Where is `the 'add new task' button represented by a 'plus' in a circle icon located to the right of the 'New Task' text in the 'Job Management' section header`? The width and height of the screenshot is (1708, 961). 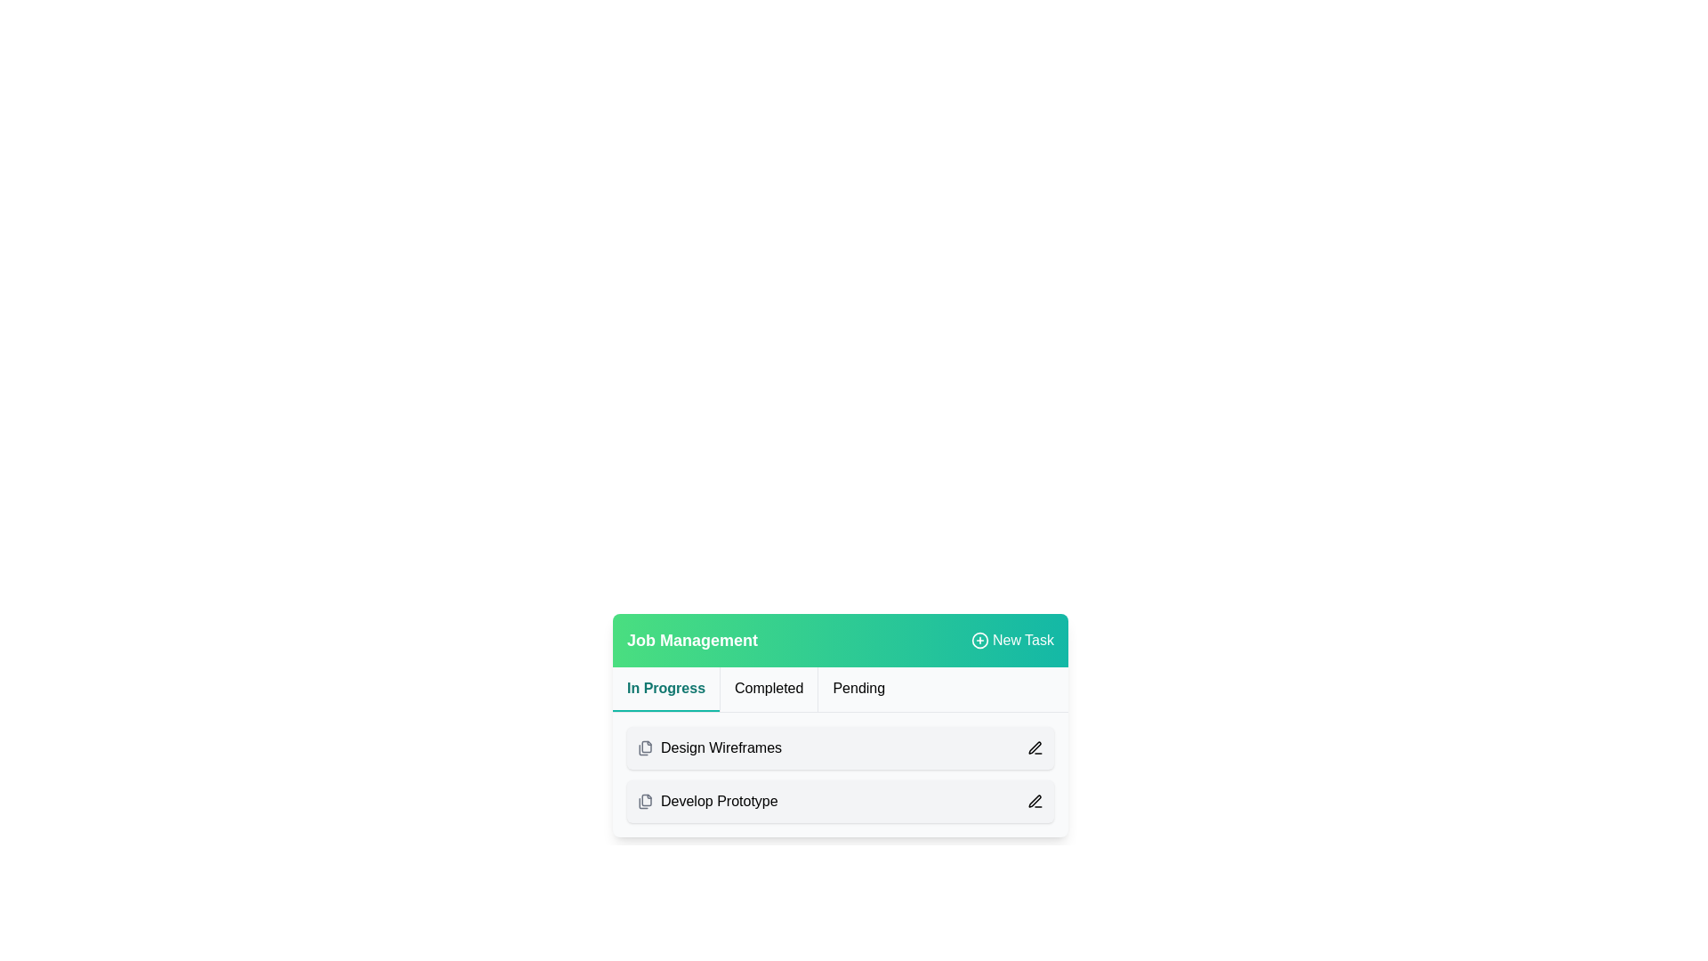 the 'add new task' button represented by a 'plus' in a circle icon located to the right of the 'New Task' text in the 'Job Management' section header is located at coordinates (979, 641).